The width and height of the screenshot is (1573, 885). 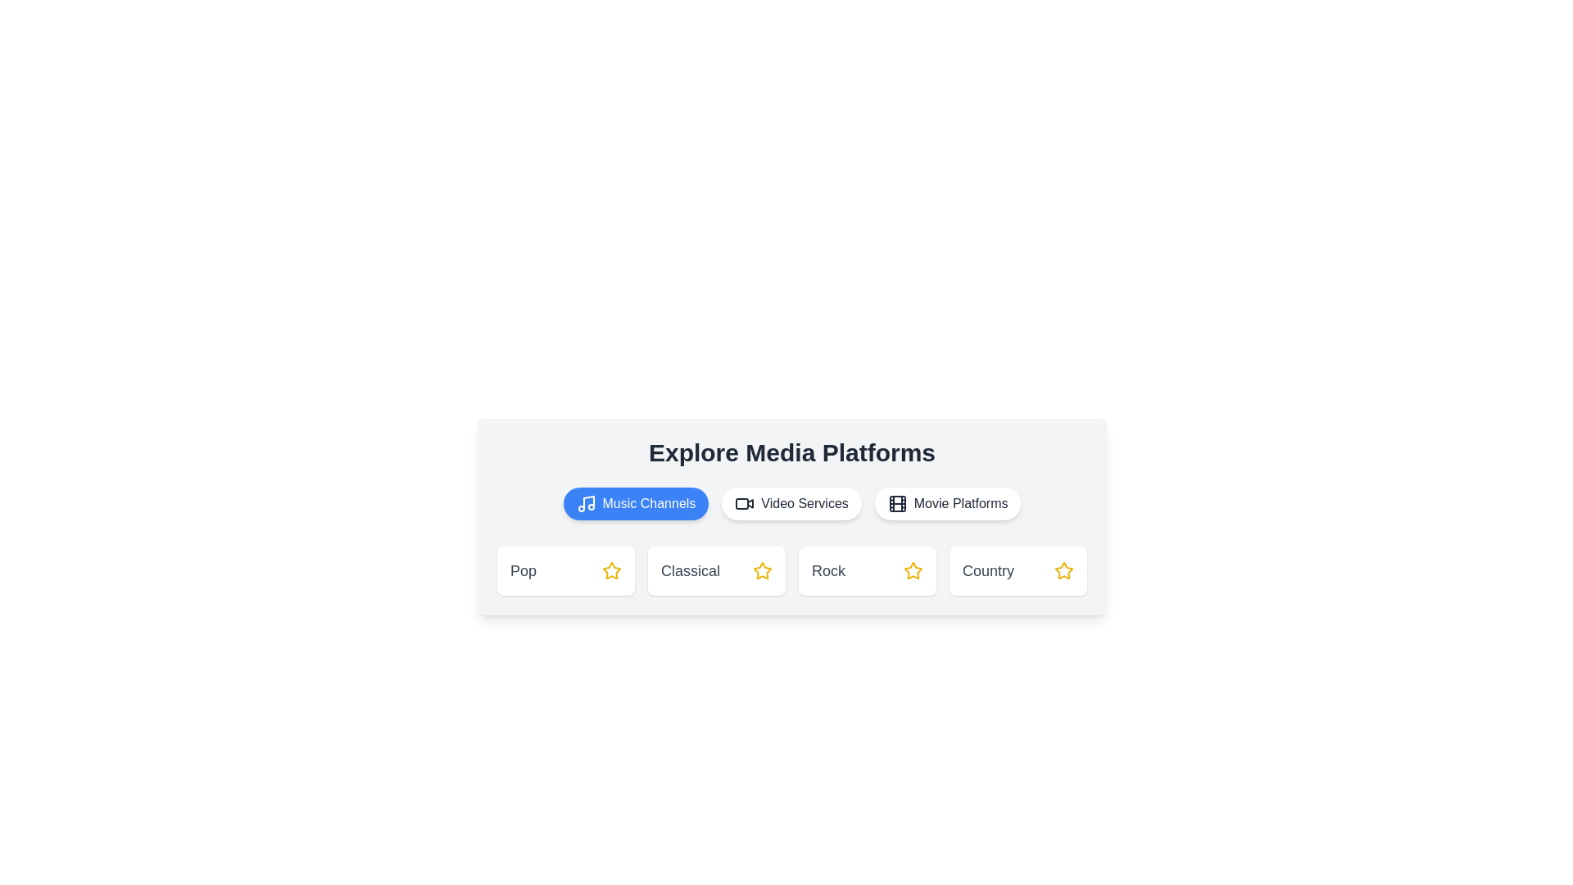 What do you see at coordinates (716, 570) in the screenshot?
I see `the 'Classical' Content Card in the music genres grid` at bounding box center [716, 570].